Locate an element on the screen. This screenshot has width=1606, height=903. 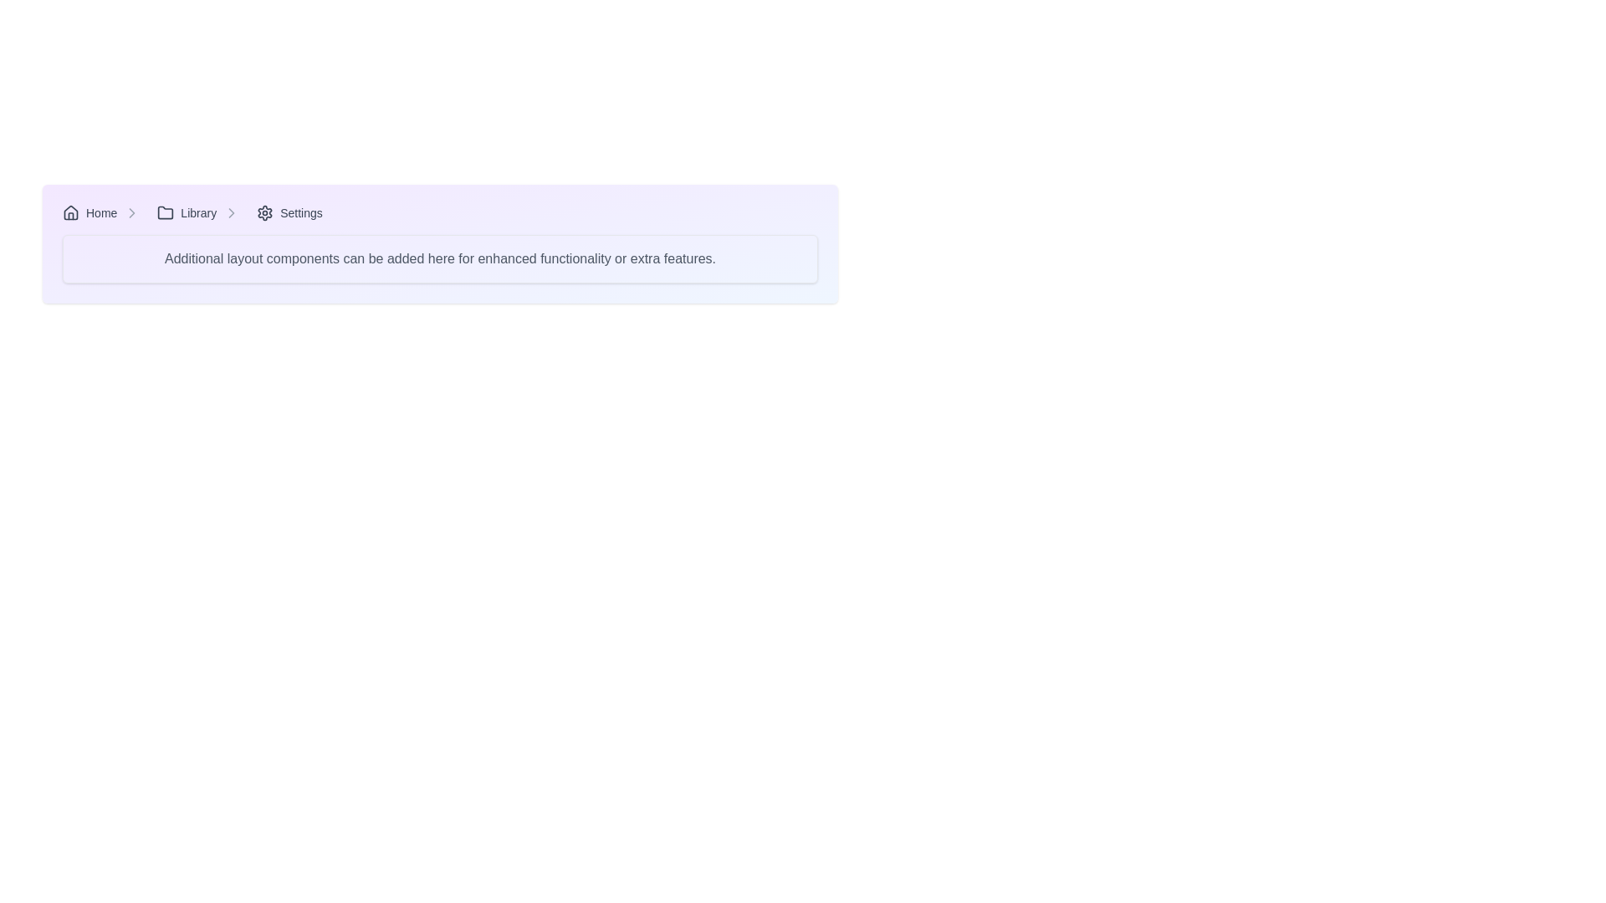
the descriptive role of the rightward-pointing chevron arrow icon within the breadcrumb navigation between 'Library' is located at coordinates (231, 212).